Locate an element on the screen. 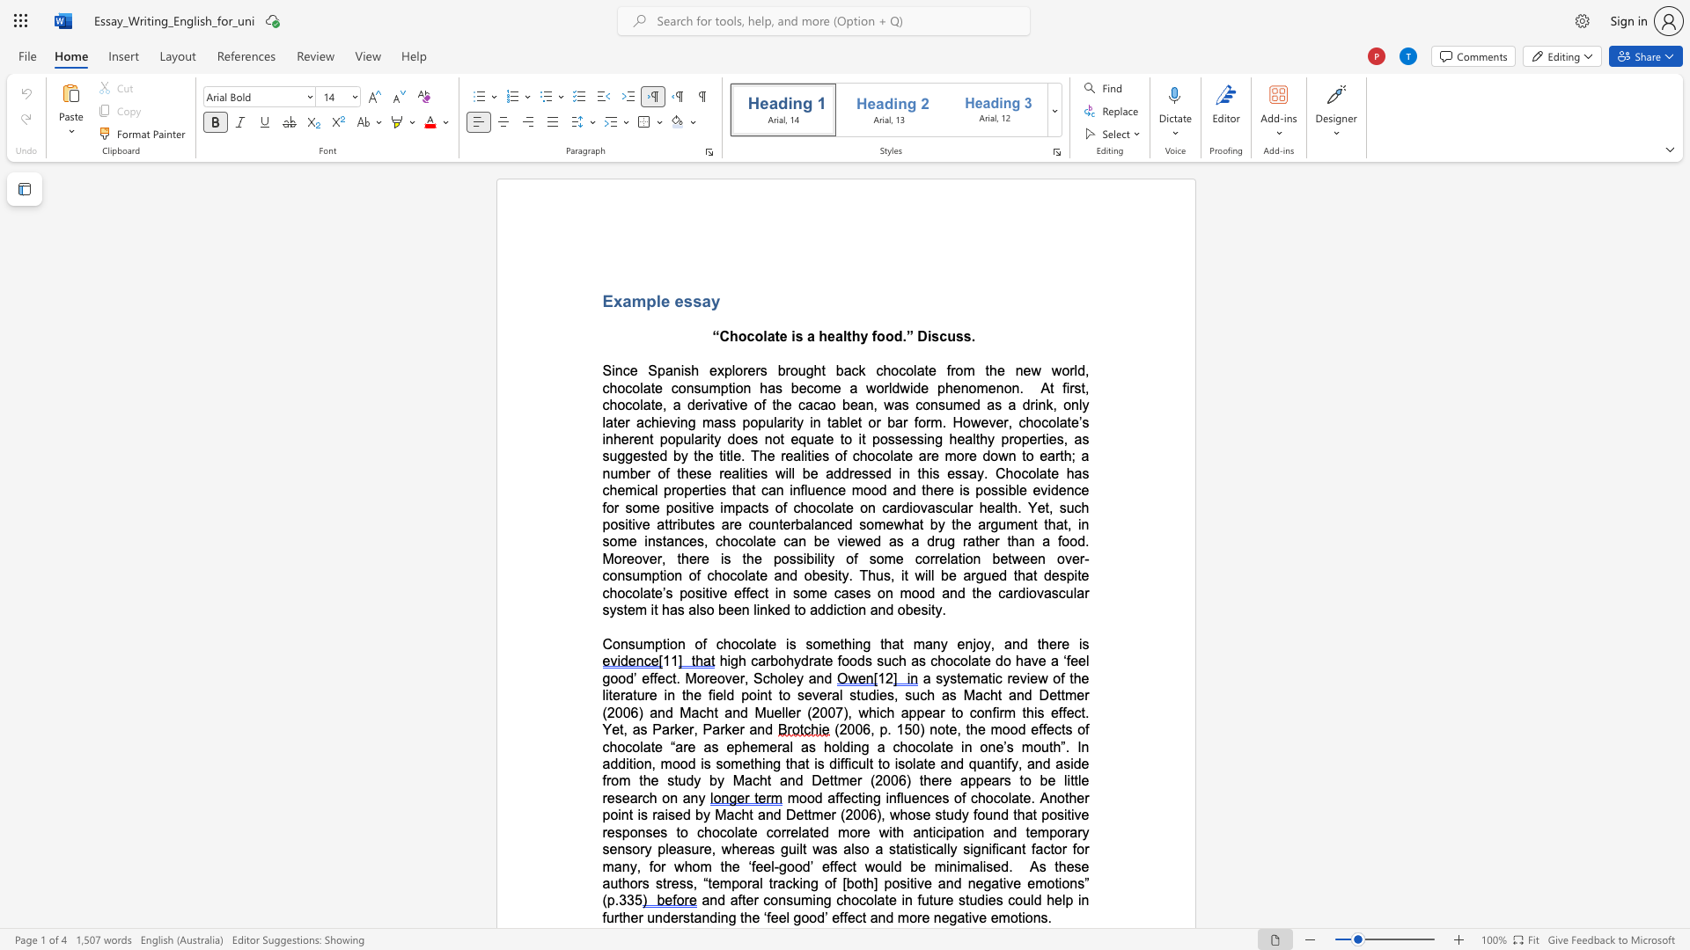 The image size is (1690, 950). the space between the continuous character "s" and "s" in the text is located at coordinates (692, 300).